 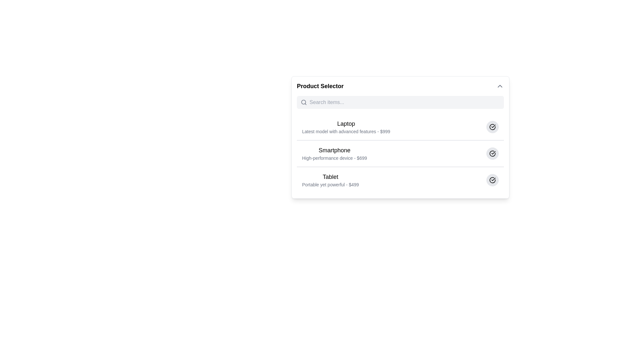 What do you see at coordinates (492, 127) in the screenshot?
I see `the circular checkmark icon located at the top-right corner of the card-like panel, which is visually aligned with the 'Laptop' item in the list` at bounding box center [492, 127].